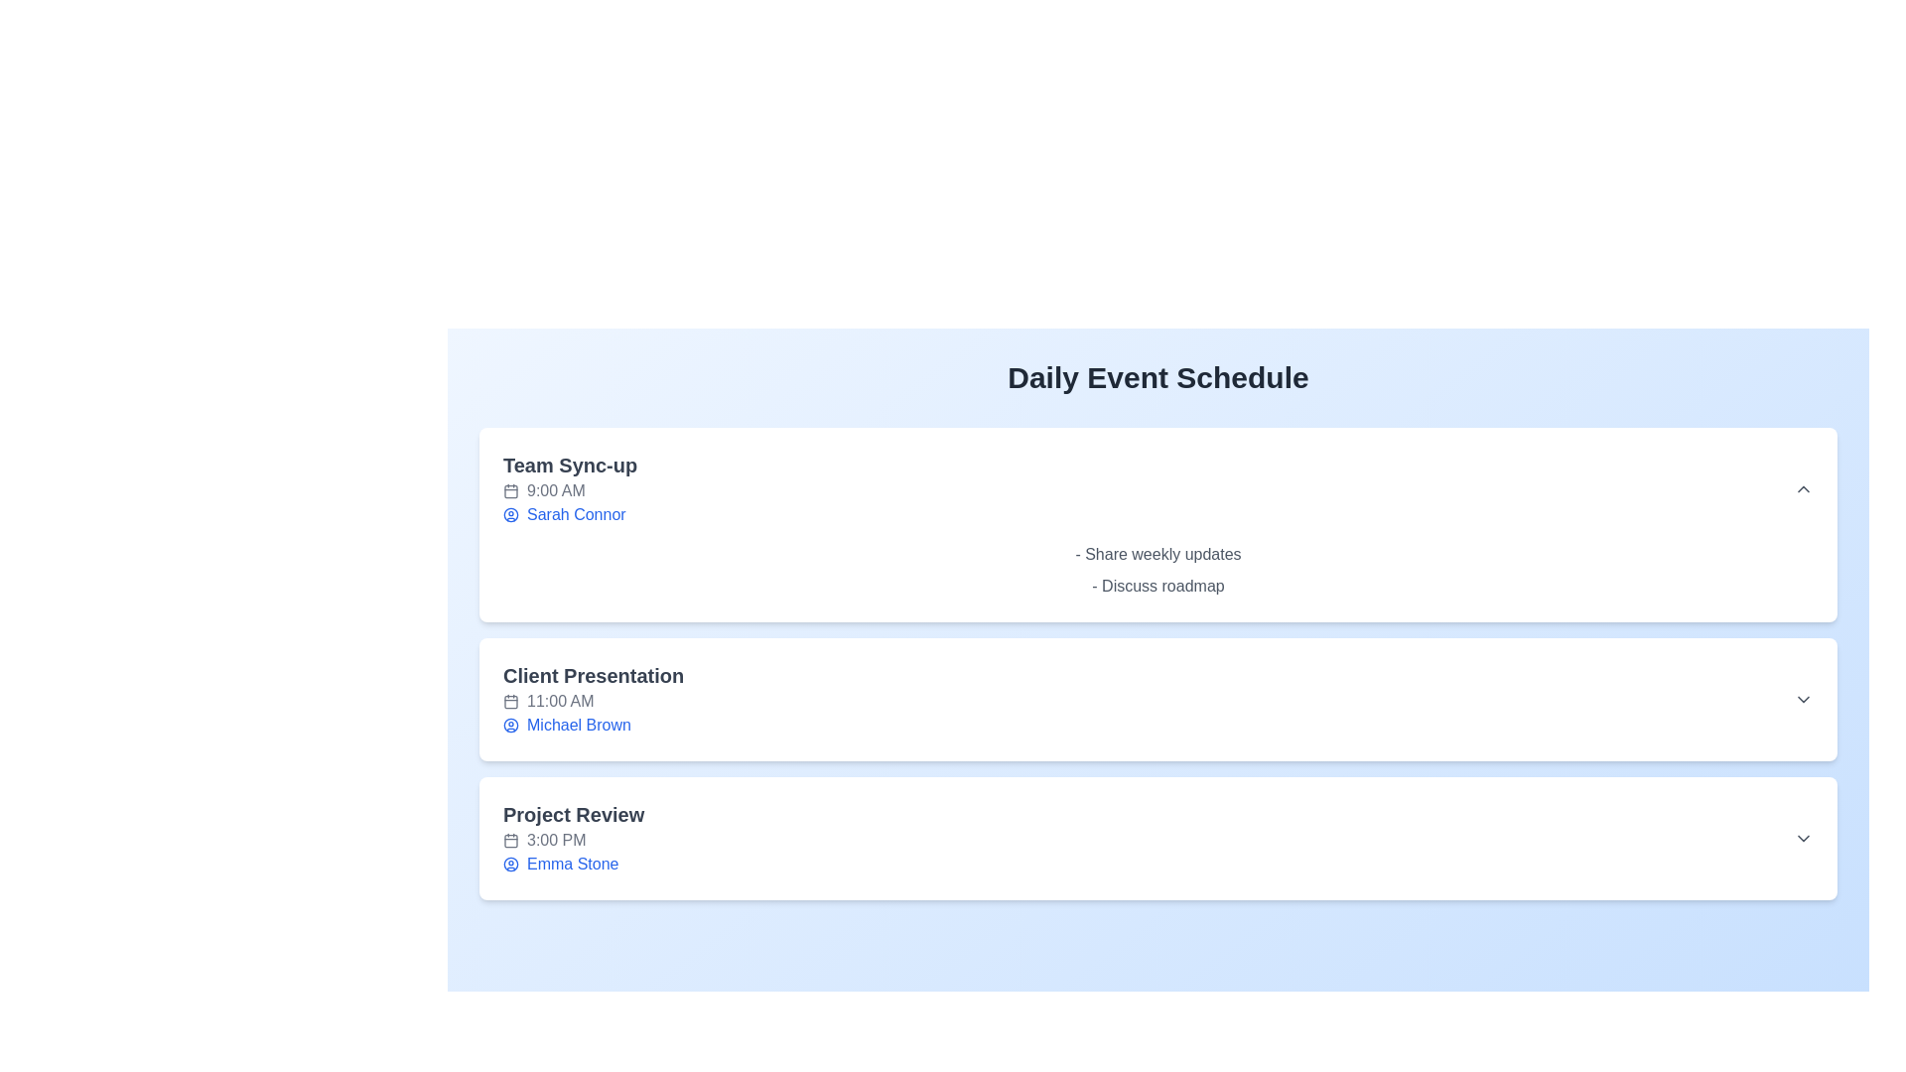 This screenshot has height=1072, width=1906. I want to click on the dropdown toggle button or disclosure arrow located at the far-right side of the 'Client Presentation' event card, so click(1804, 699).